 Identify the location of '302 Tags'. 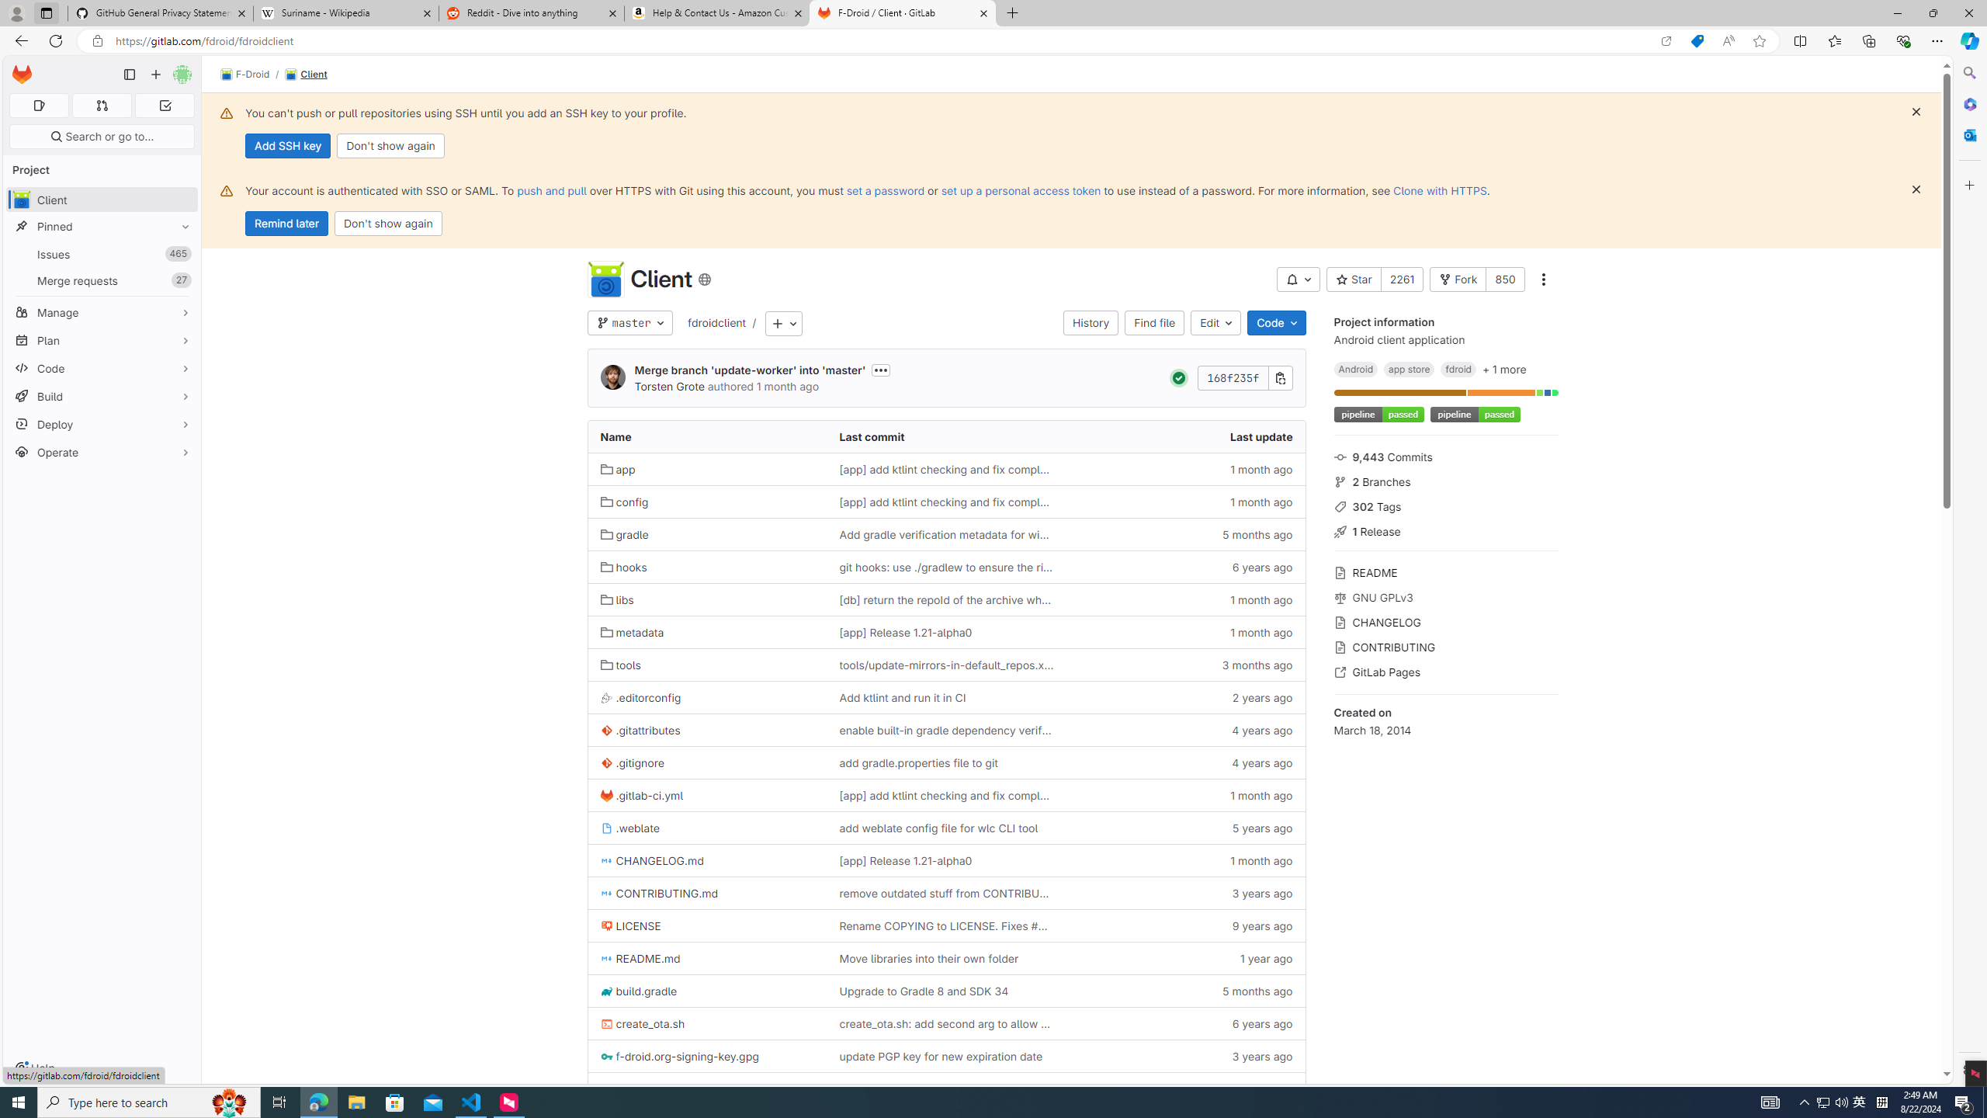
(1445, 505).